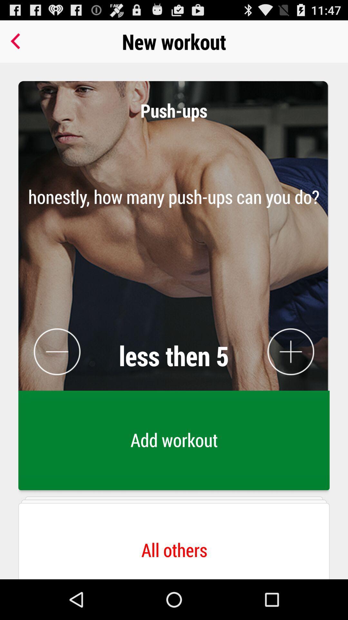 The height and width of the screenshot is (620, 348). Describe the element at coordinates (174, 536) in the screenshot. I see `all others button` at that location.